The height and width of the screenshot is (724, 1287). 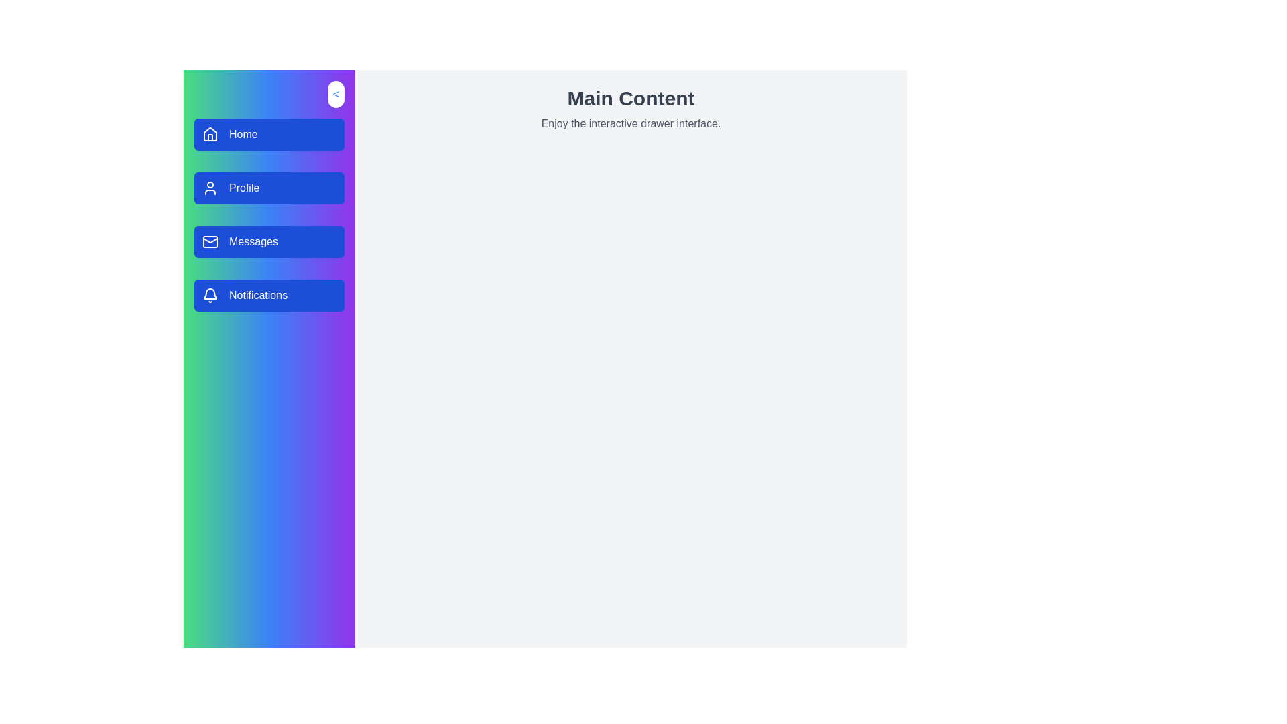 What do you see at coordinates (269, 242) in the screenshot?
I see `the 'Messages' navigation button in the left sidebar` at bounding box center [269, 242].